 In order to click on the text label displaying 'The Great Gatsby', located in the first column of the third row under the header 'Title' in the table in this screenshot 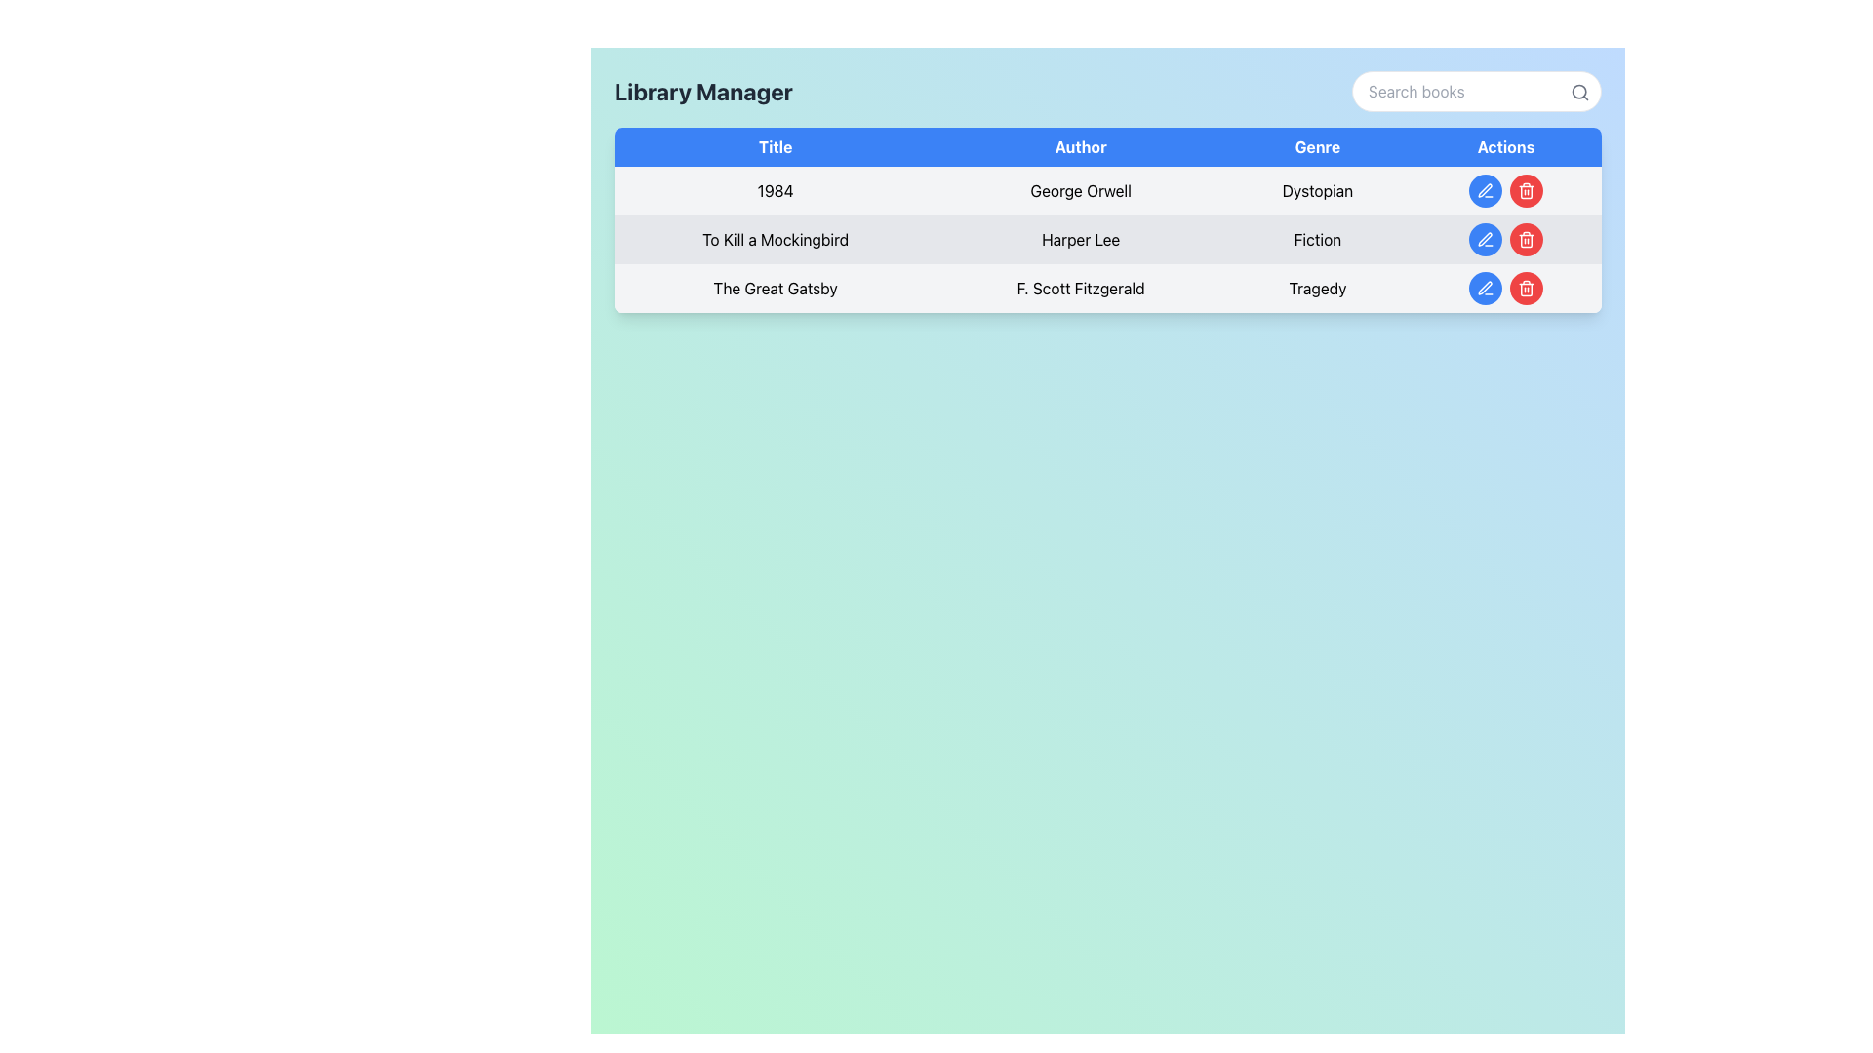, I will do `click(775, 289)`.